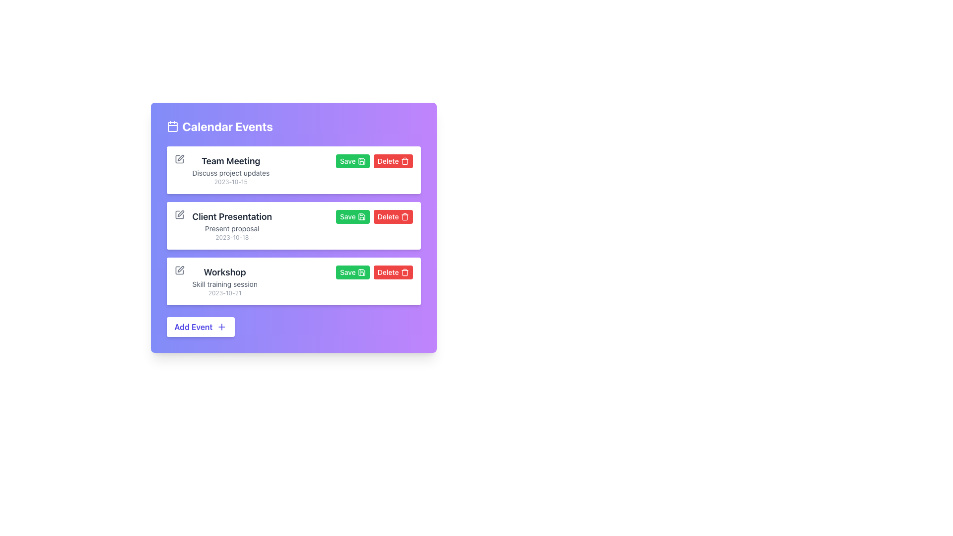  What do you see at coordinates (393, 216) in the screenshot?
I see `the red 'Delete' button with a trash can icon located next to the 'Save' button in the right section of the button group` at bounding box center [393, 216].